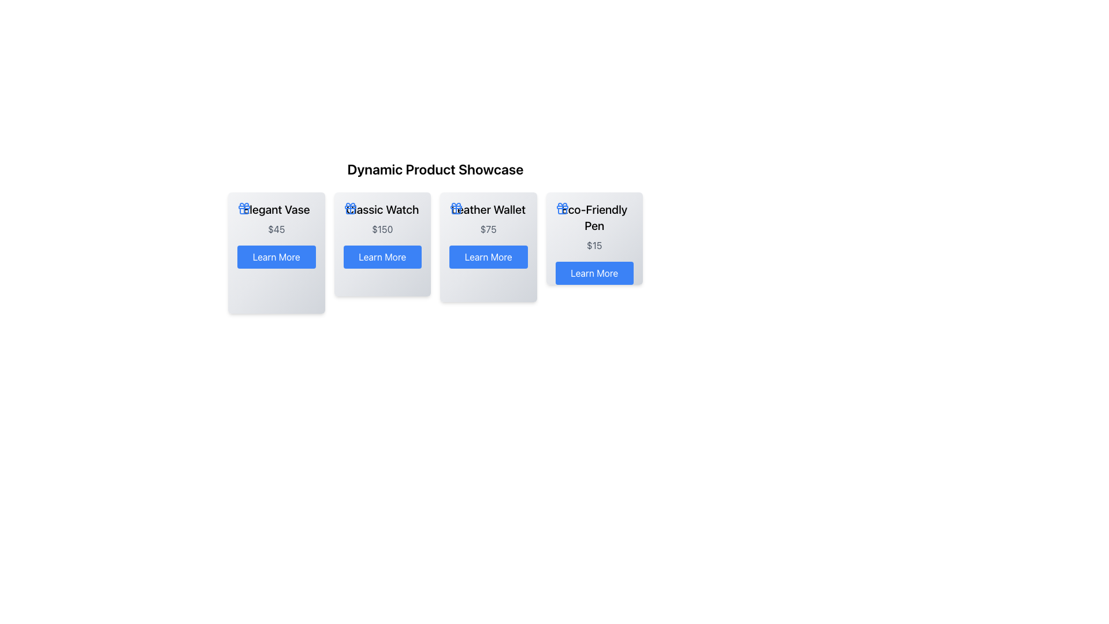 This screenshot has width=1109, height=624. What do you see at coordinates (276, 229) in the screenshot?
I see `price displayed in the text label showing '$45', which is styled in gray and positioned below the title 'Elegant Vase' within a rounded card layout` at bounding box center [276, 229].